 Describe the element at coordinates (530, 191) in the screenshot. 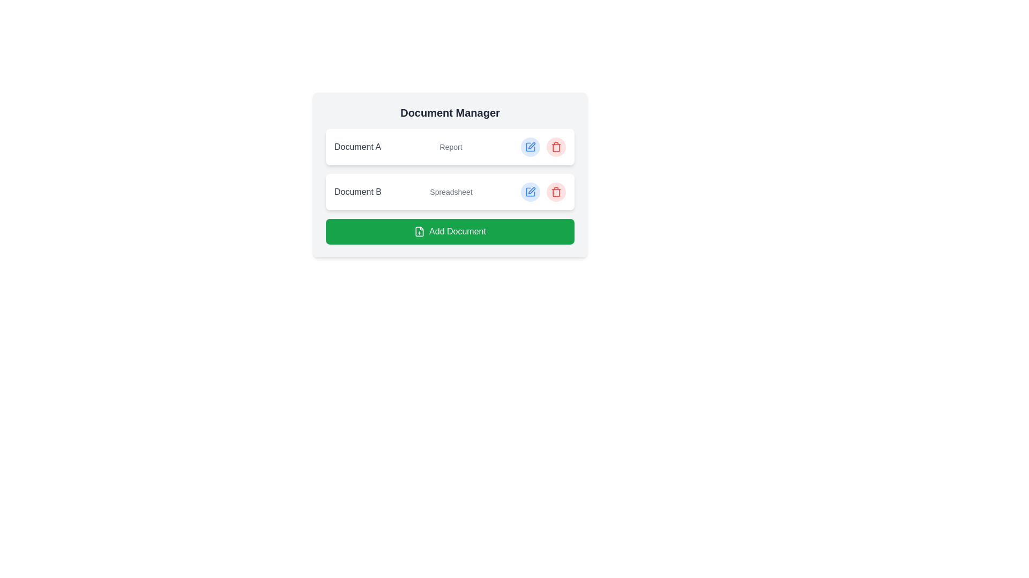

I see `the editable pen icon with a light blue background located in the 'Document B' row to initiate editing actions` at that location.